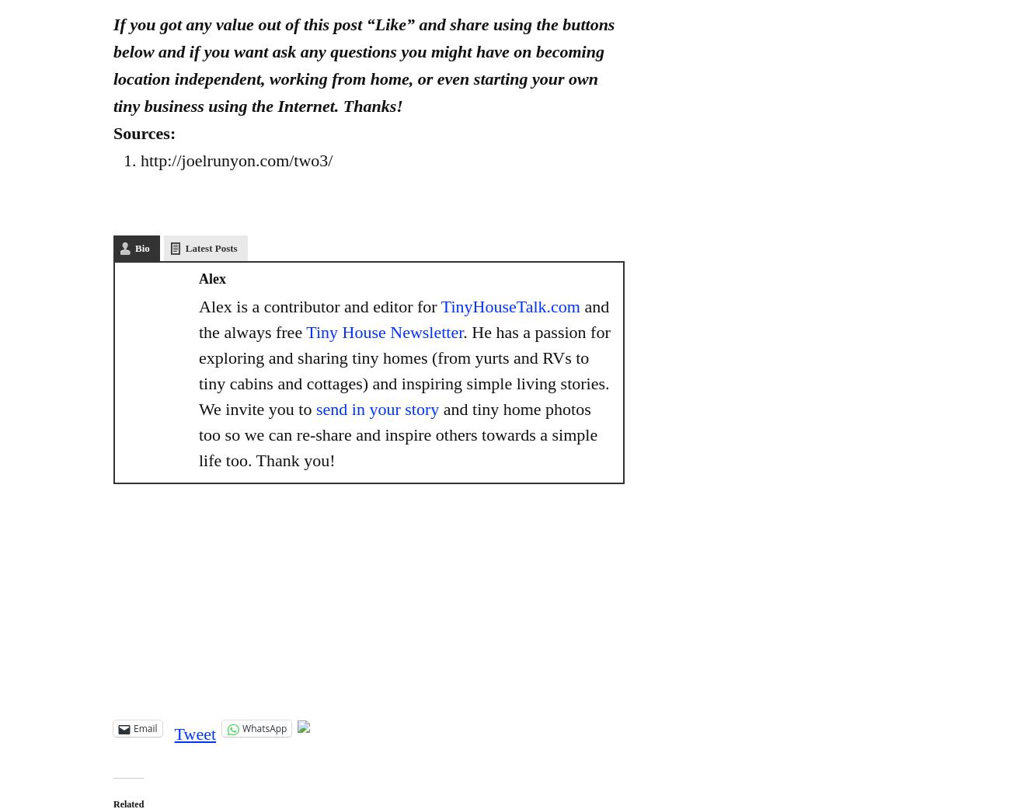 This screenshot has height=809, width=1010. I want to click on 'and the always free', so click(404, 319).